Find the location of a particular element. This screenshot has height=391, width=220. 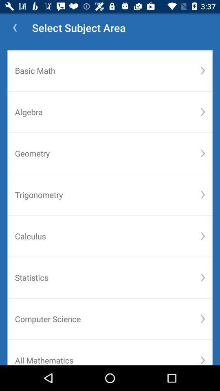

item below basic math icon is located at coordinates (202, 112).